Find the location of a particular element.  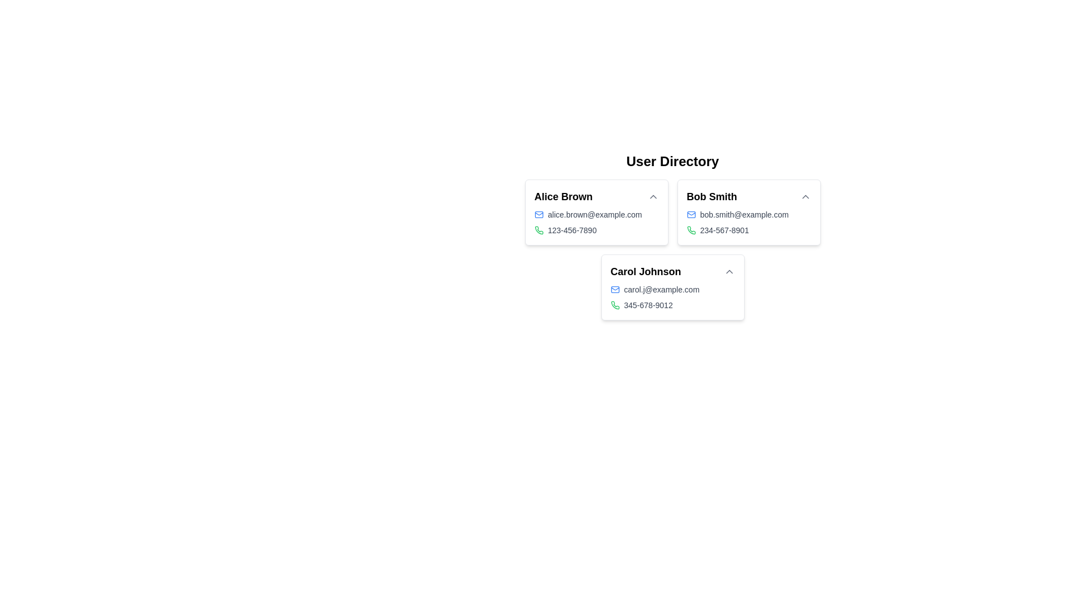

the small blue envelope icon representing the email symbol located to the left of 'bob.smith@example.com' in the 'Bob Smith' card in the user directory interface is located at coordinates (690, 215).